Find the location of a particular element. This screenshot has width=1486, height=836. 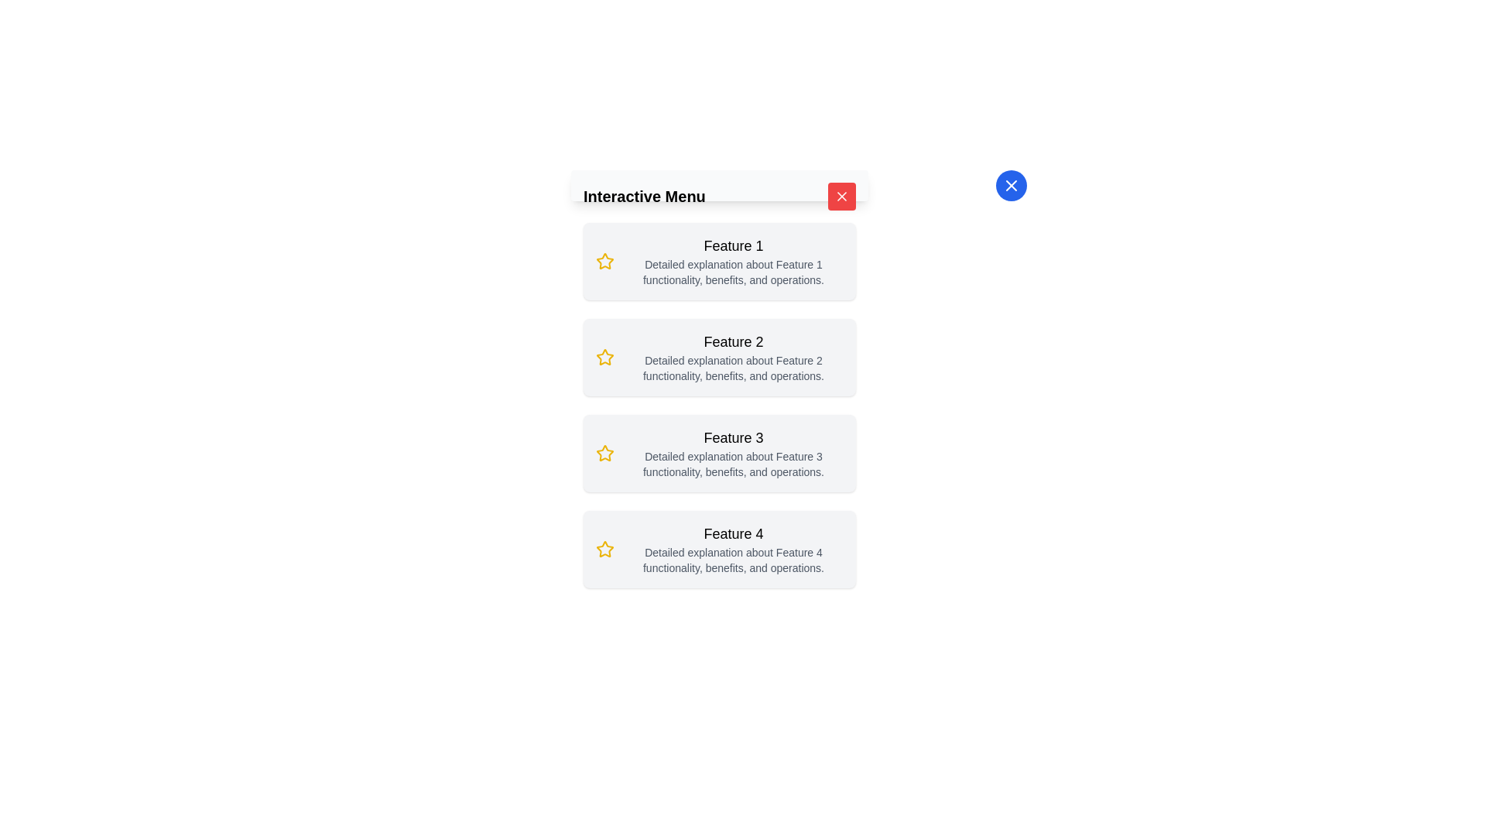

the Informative text block titled 'Feature 4' to emphasize or highlight it, which consists of a heading in a larger, bold font and a detailed description, contained within a light gray background is located at coordinates (733, 548).